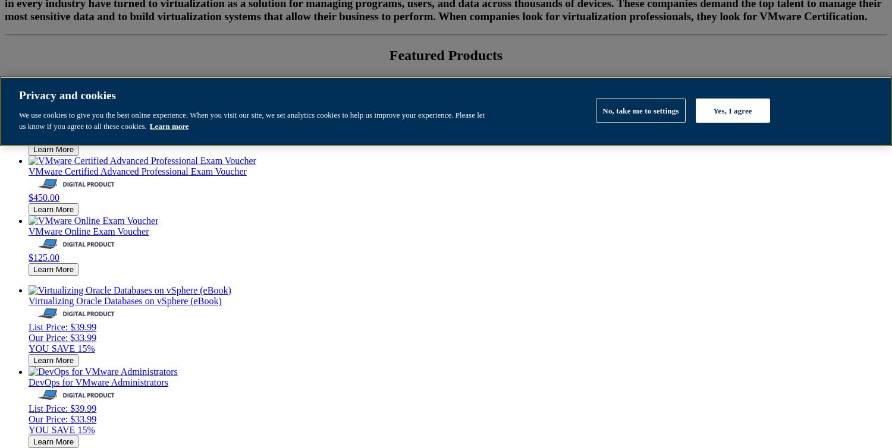 The width and height of the screenshot is (892, 448). What do you see at coordinates (137, 170) in the screenshot?
I see `'VMware Certified Advanced Professional Exam Voucher'` at bounding box center [137, 170].